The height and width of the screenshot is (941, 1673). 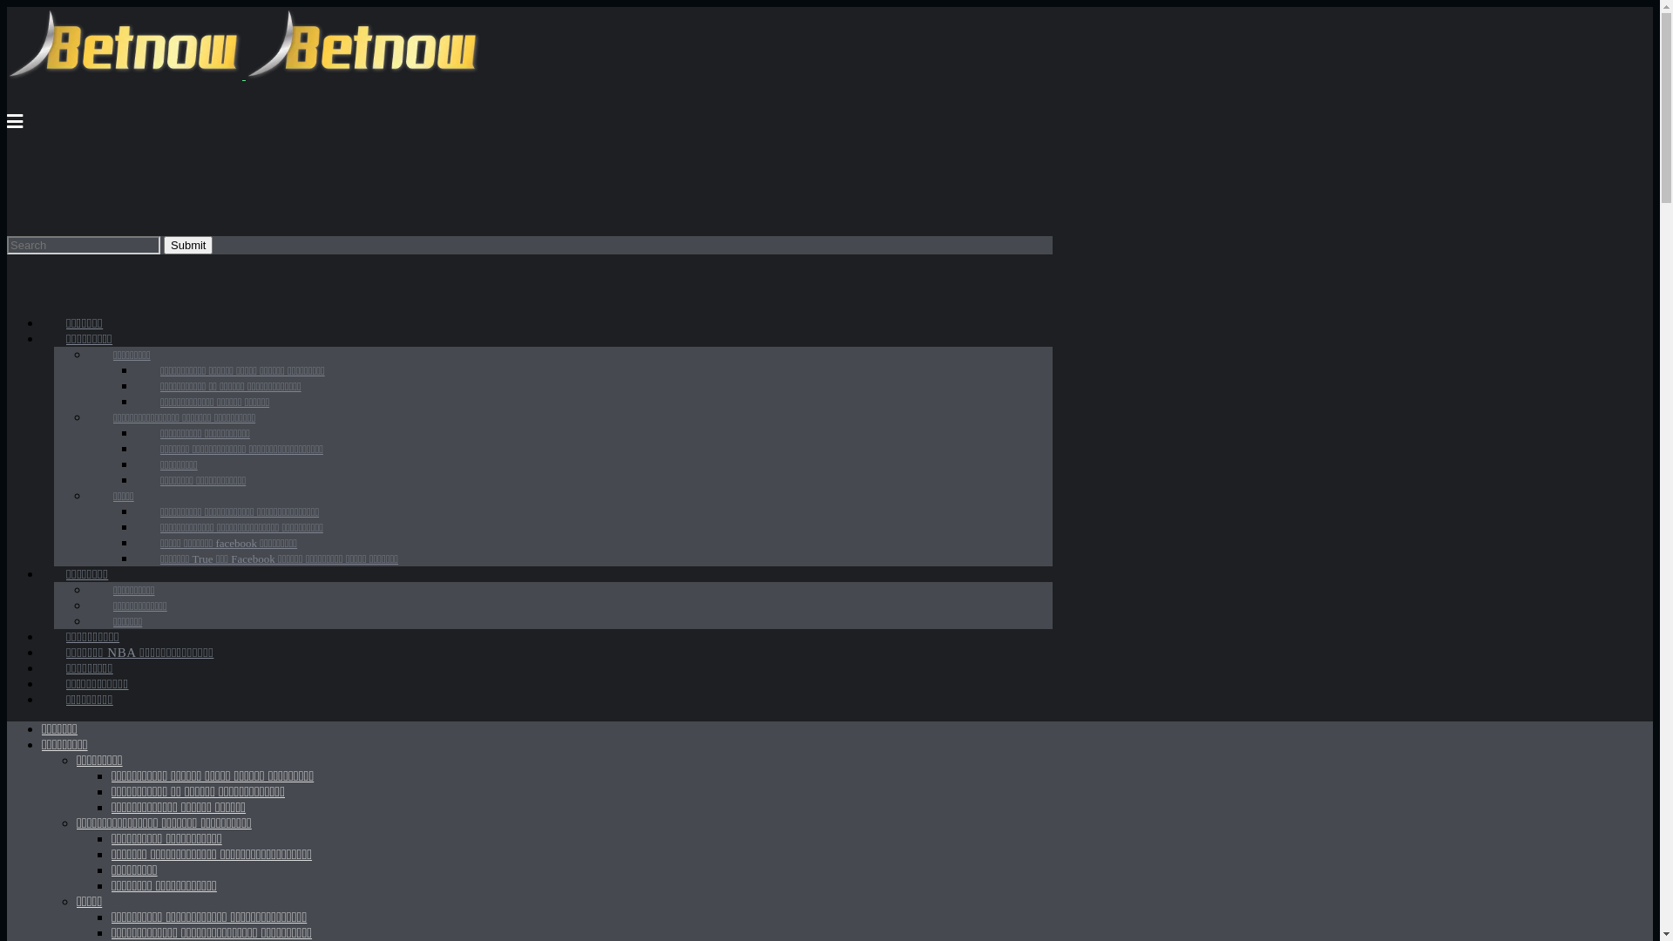 I want to click on 'Submit', so click(x=163, y=244).